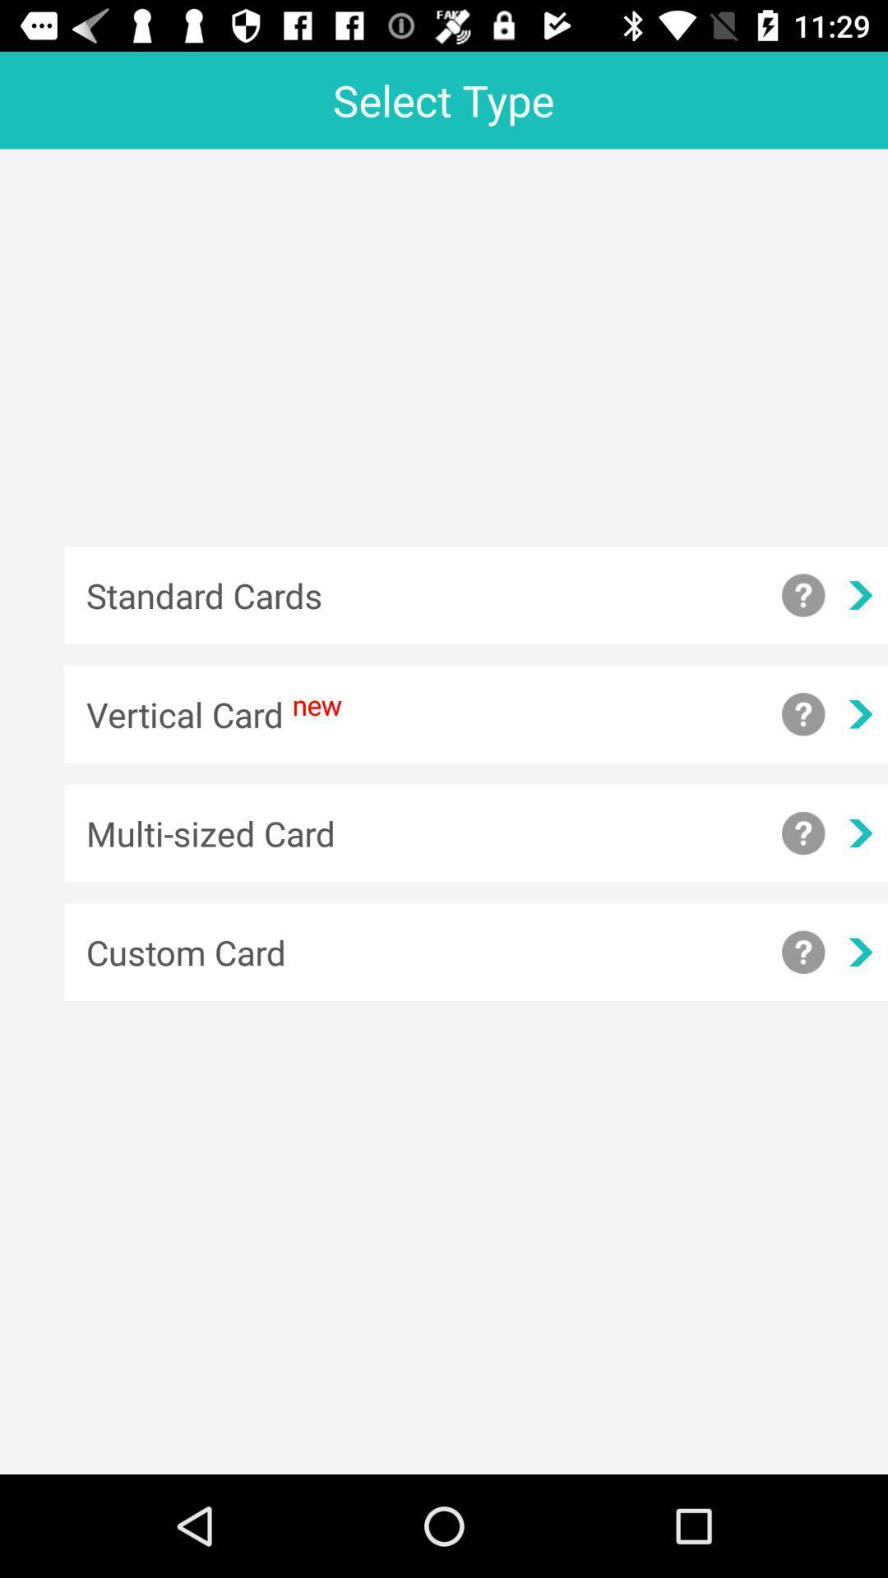 The width and height of the screenshot is (888, 1578). I want to click on help with standard cards, so click(802, 594).